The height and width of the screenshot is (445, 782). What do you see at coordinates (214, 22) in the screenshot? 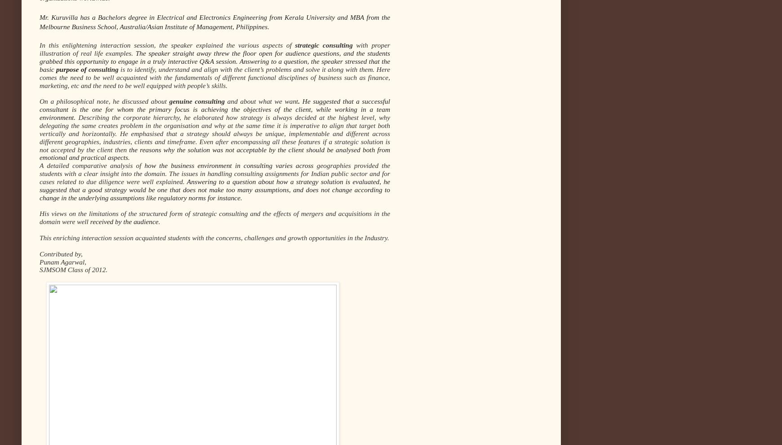
I see `'Mr. Kuruvilla has a Bachelors degree in Electrical and Electronics Engineering from Kerala University and MBA from the Melbourne Business School, Australia/Asian Institute of Management, Philippines.'` at bounding box center [214, 22].